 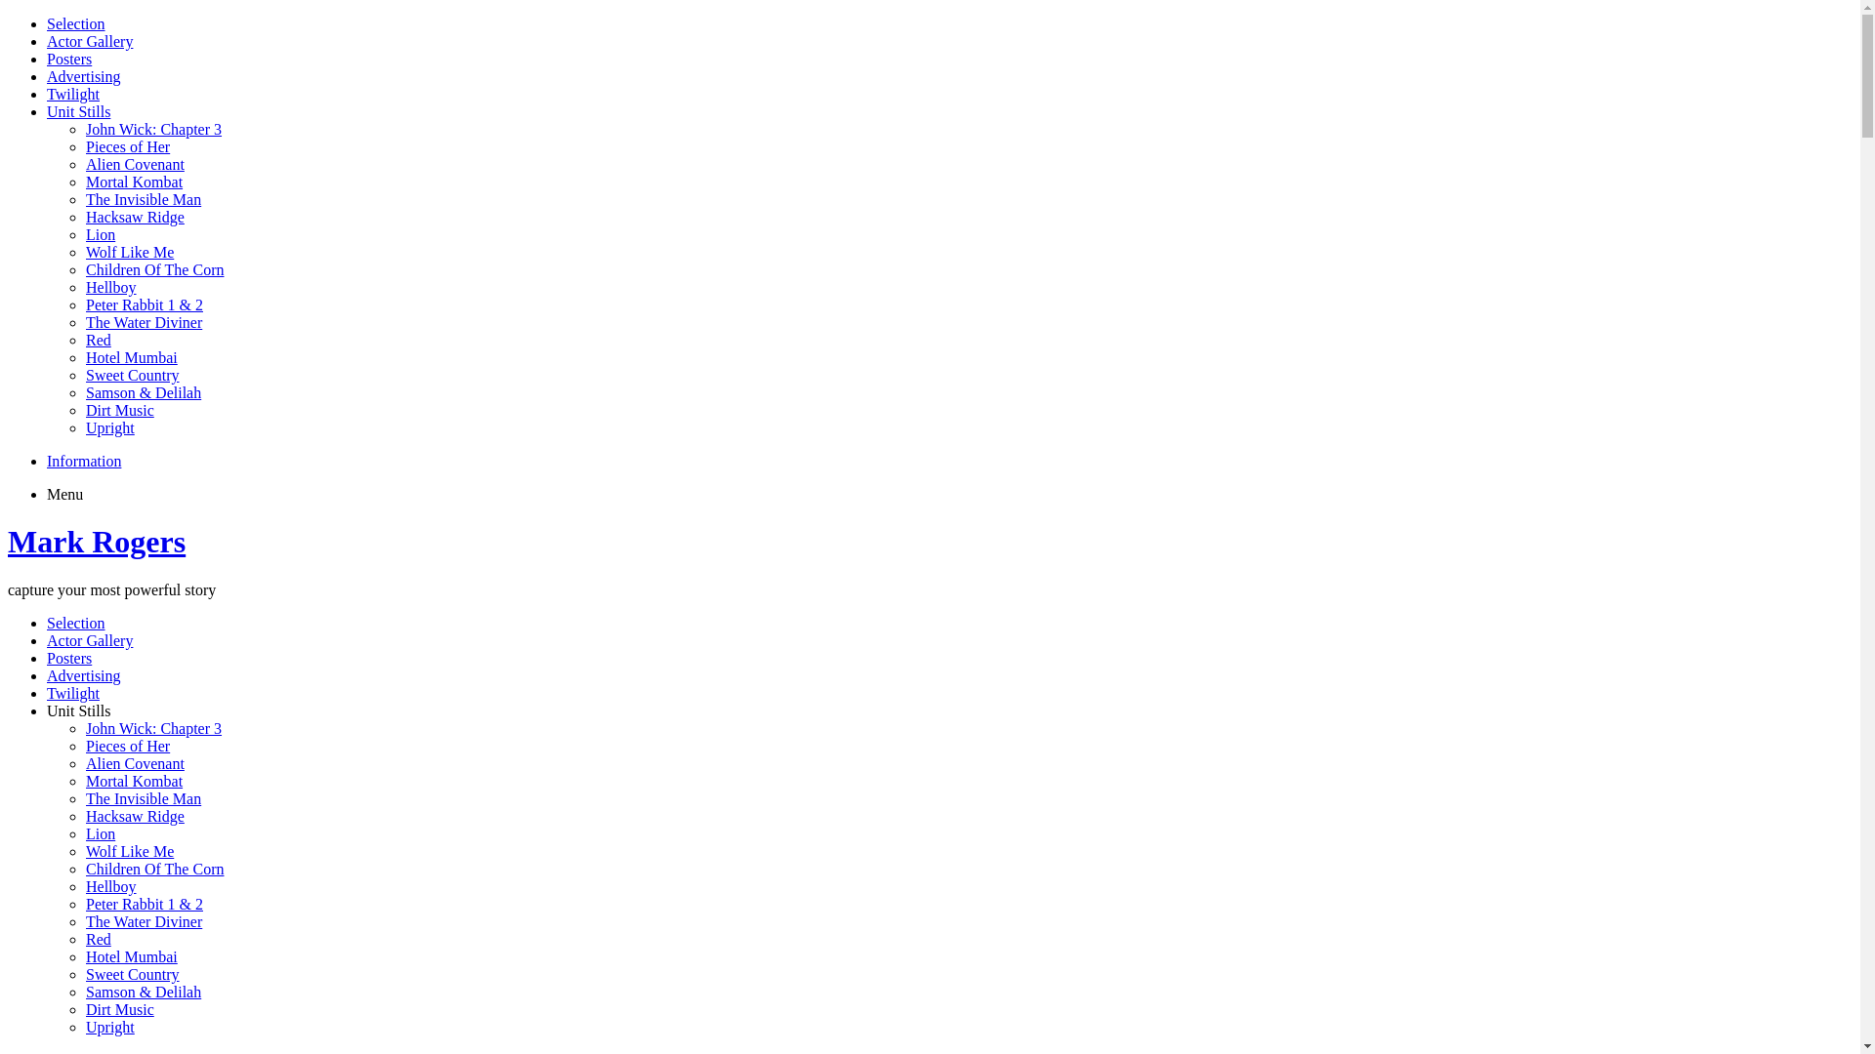 What do you see at coordinates (109, 426) in the screenshot?
I see `'Upright'` at bounding box center [109, 426].